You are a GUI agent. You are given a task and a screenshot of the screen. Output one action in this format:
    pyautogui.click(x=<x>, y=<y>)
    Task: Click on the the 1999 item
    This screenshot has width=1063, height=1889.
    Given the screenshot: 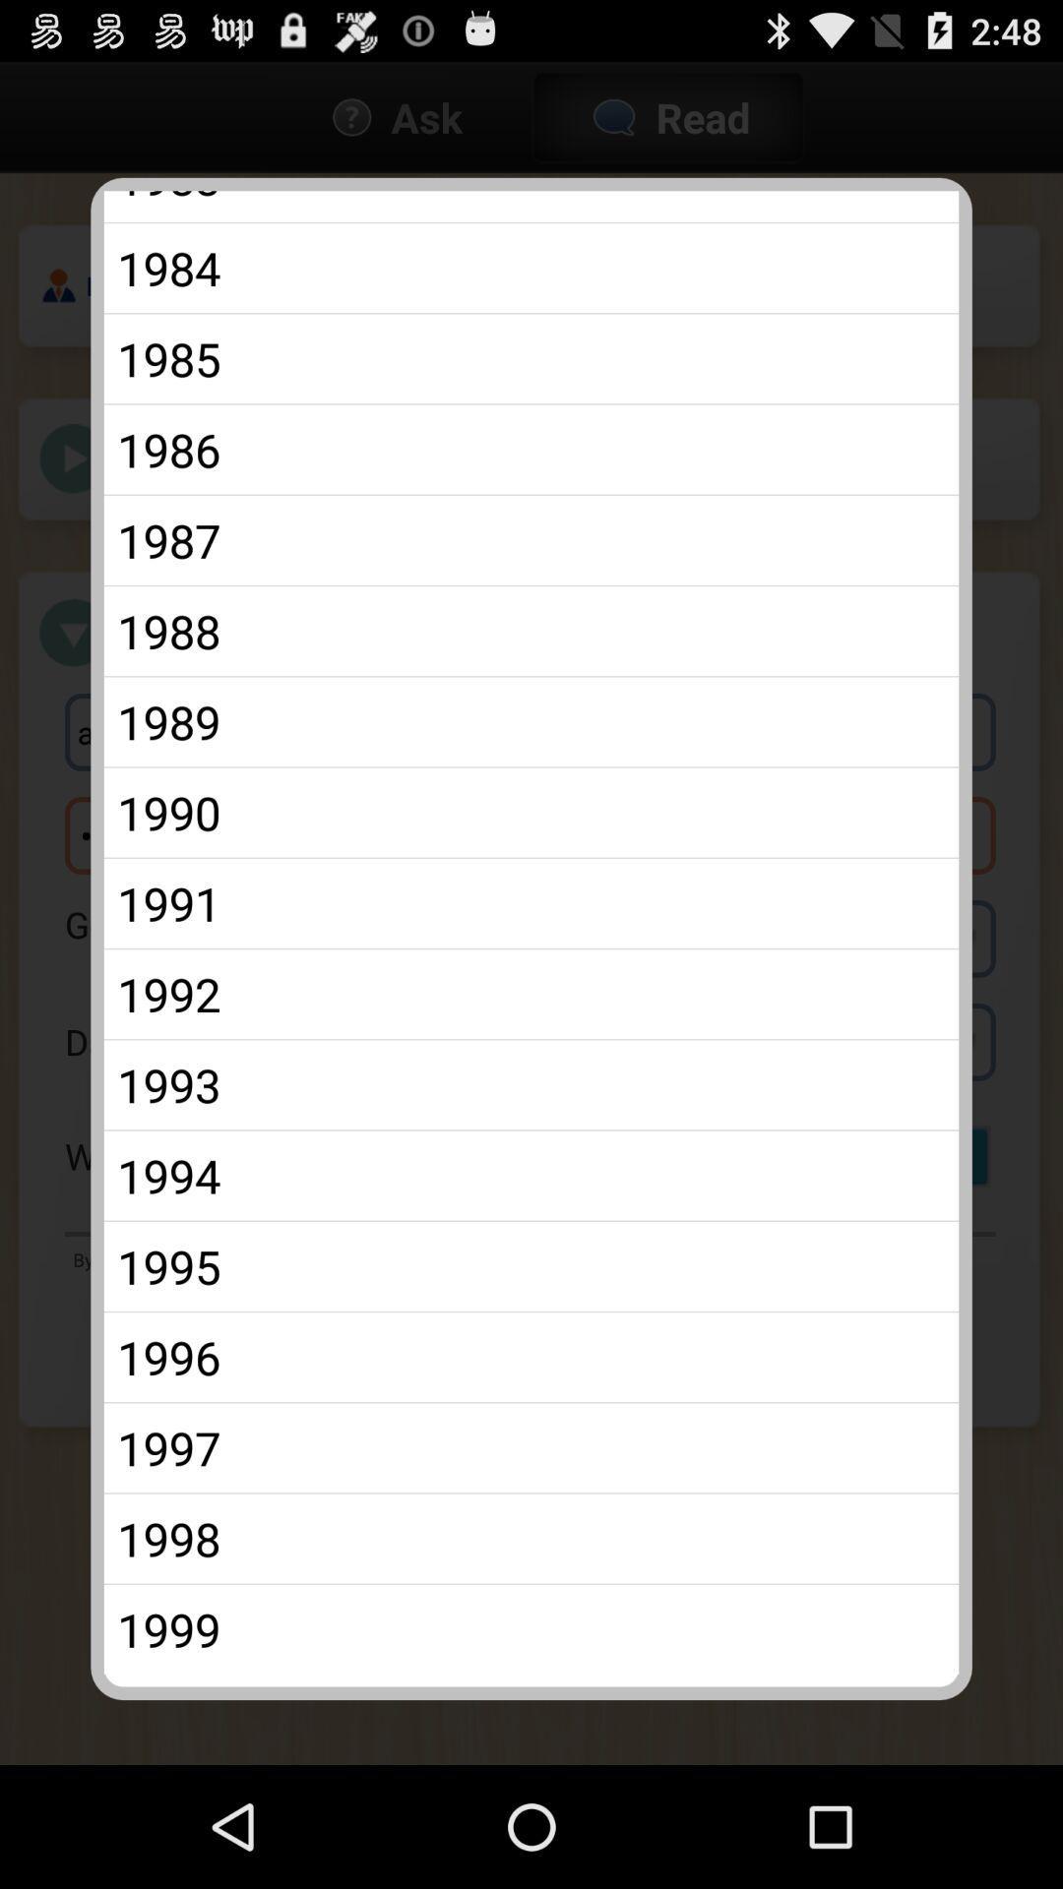 What is the action you would take?
    pyautogui.click(x=531, y=1629)
    